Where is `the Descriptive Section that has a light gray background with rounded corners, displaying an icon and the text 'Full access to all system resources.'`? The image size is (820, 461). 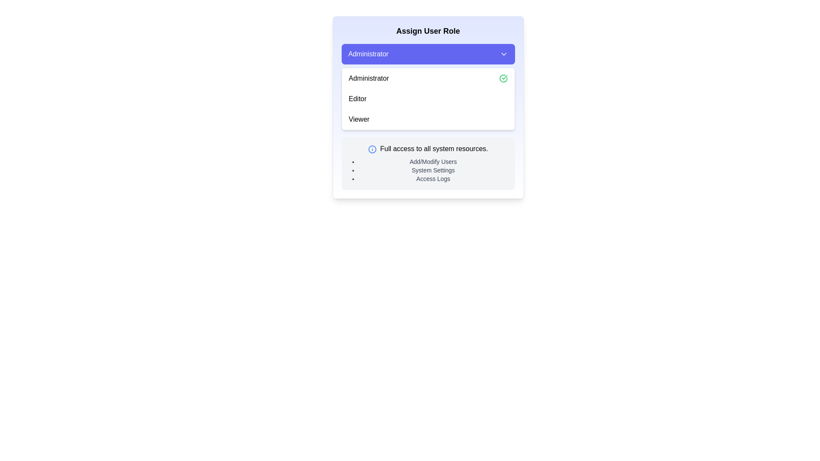
the Descriptive Section that has a light gray background with rounded corners, displaying an icon and the text 'Full access to all system resources.' is located at coordinates (428, 163).